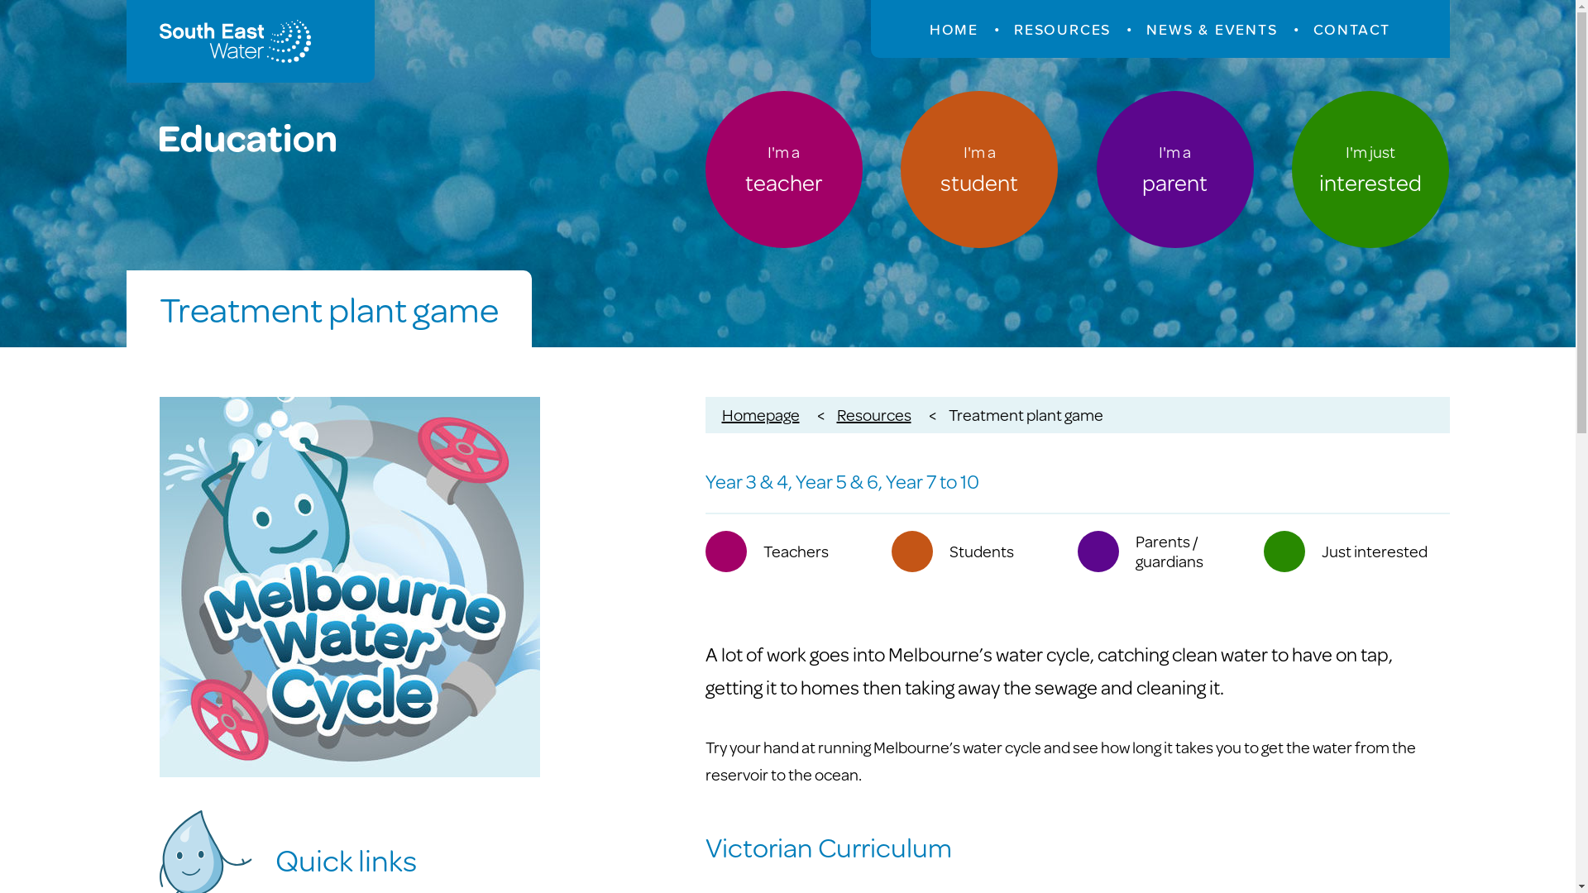 The height and width of the screenshot is (893, 1588). Describe the element at coordinates (954, 30) in the screenshot. I see `'HOME'` at that location.